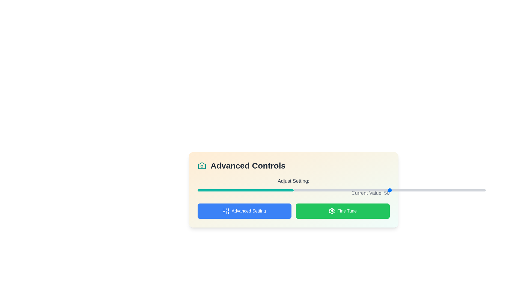 The image size is (524, 295). Describe the element at coordinates (284, 189) in the screenshot. I see `the slider` at that location.